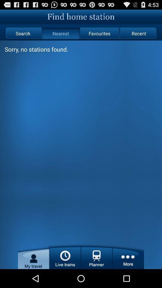 Image resolution: width=162 pixels, height=288 pixels. Describe the element at coordinates (81, 163) in the screenshot. I see `item below the sorry no stations item` at that location.